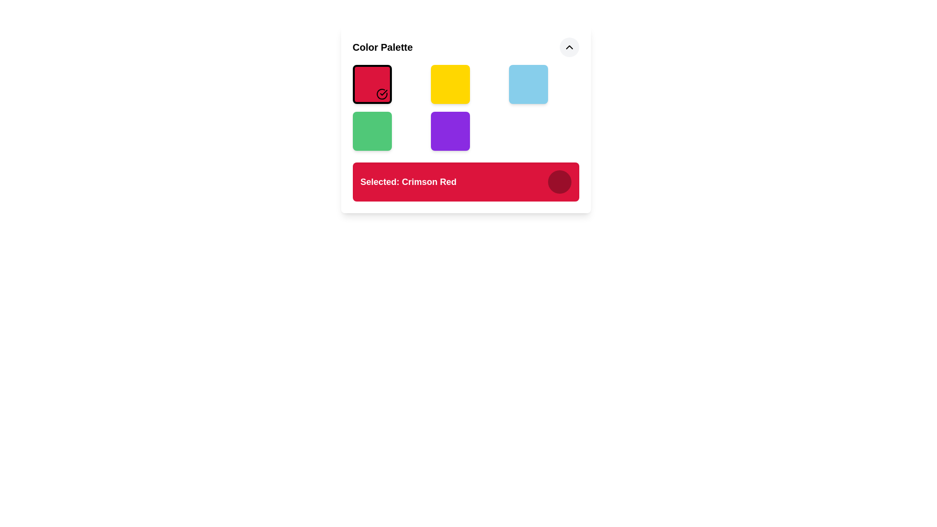 This screenshot has height=527, width=937. I want to click on the Color Selection Tile with a vibrant purple background to observe its hover effect, so click(449, 131).